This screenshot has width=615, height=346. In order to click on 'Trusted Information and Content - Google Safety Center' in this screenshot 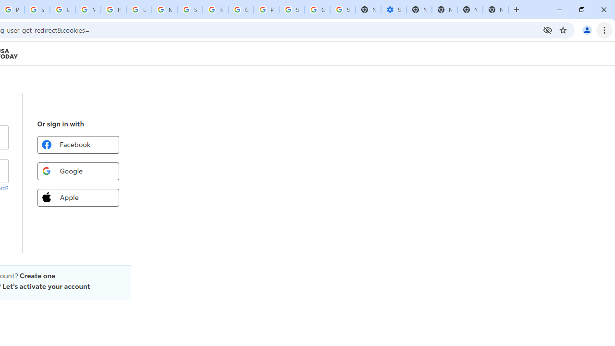, I will do `click(215, 10)`.